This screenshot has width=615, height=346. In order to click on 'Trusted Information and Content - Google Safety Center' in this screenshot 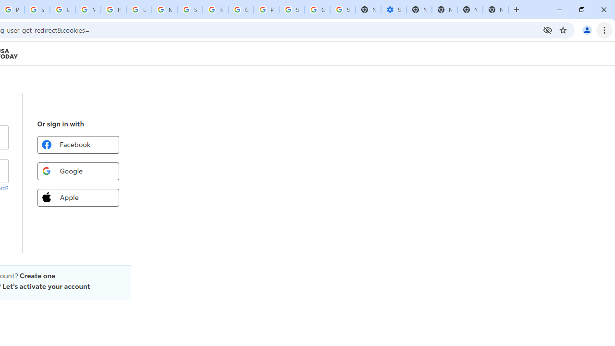, I will do `click(215, 10)`.